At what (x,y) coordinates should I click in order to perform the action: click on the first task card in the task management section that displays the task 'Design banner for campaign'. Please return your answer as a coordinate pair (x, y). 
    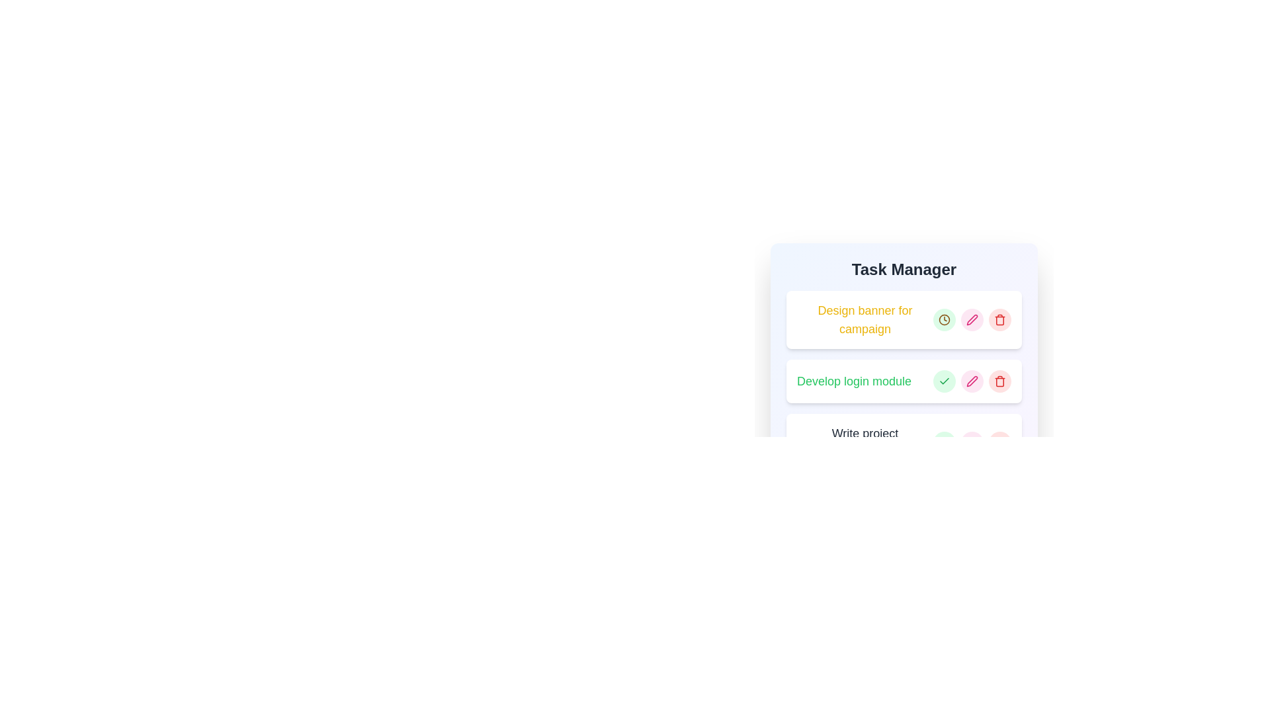
    Looking at the image, I should click on (904, 321).